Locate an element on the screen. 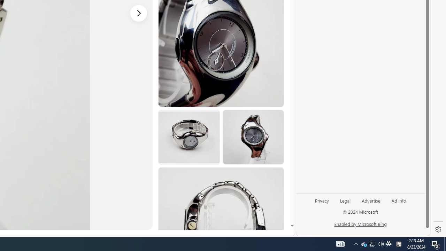 The image size is (446, 251). 'Advertise' is located at coordinates (370, 203).